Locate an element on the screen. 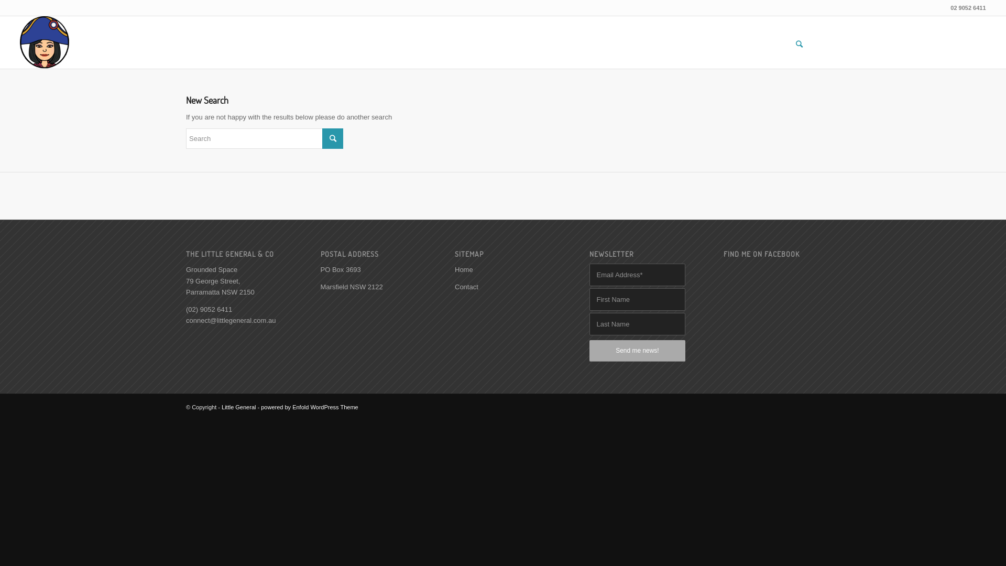  'Home' is located at coordinates (810, 26).